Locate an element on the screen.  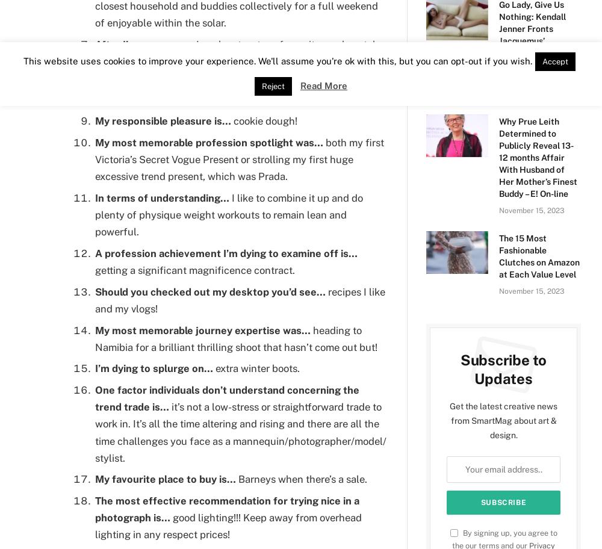
'stylist.' is located at coordinates (95, 456).